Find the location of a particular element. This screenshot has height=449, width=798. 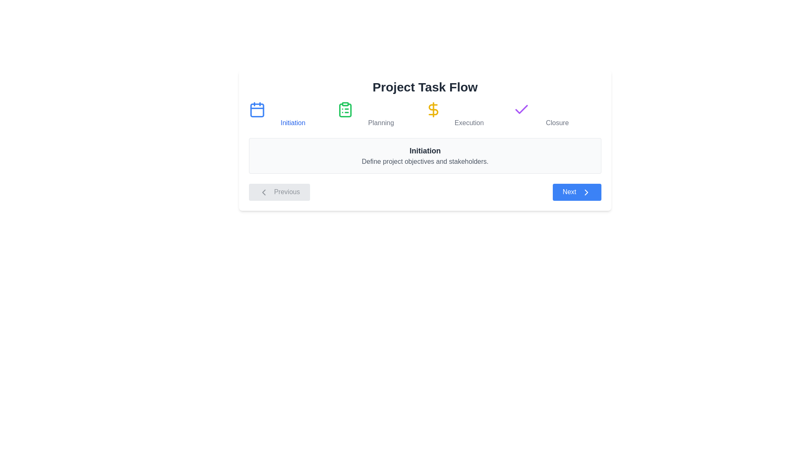

the bold header text 'Project Task Flow' which is centrally aligned at the top of the card interface is located at coordinates (425, 87).